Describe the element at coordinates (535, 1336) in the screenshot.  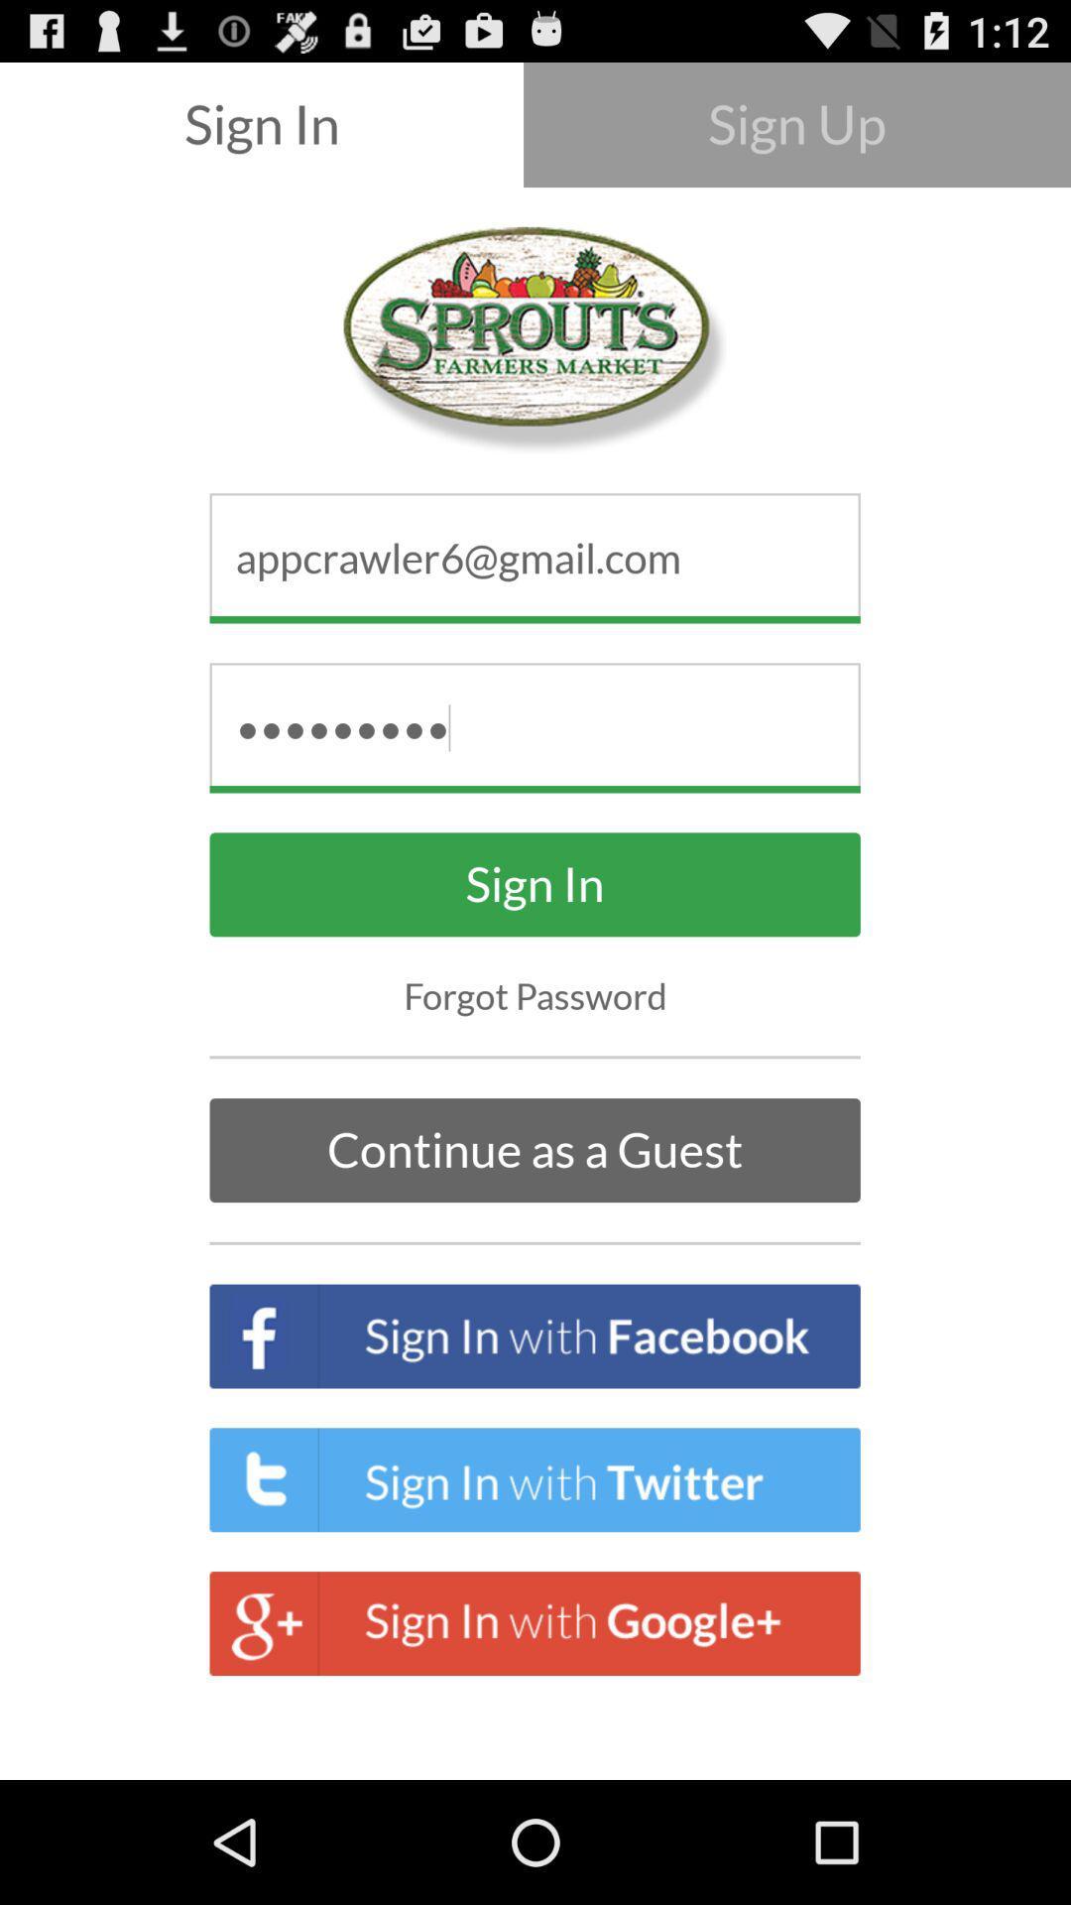
I see `sign in with facebook button which is below continue as a guest on the page` at that location.